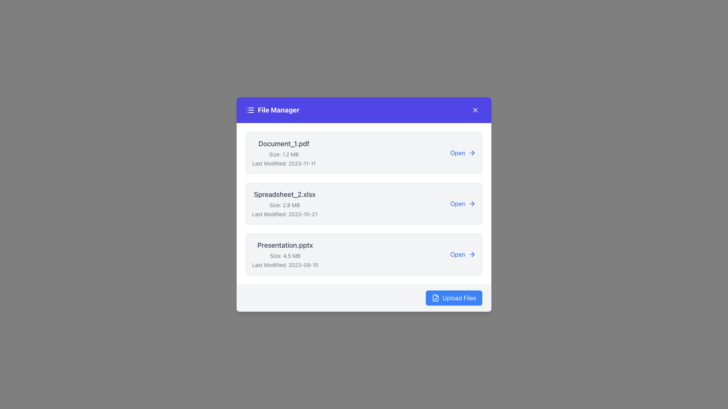 The image size is (728, 409). Describe the element at coordinates (284, 203) in the screenshot. I see `the textual display element that presents metadata about a file, located in the middle of the list of file entries within the file manager interface, specifically the second entry among three visible entries` at that location.